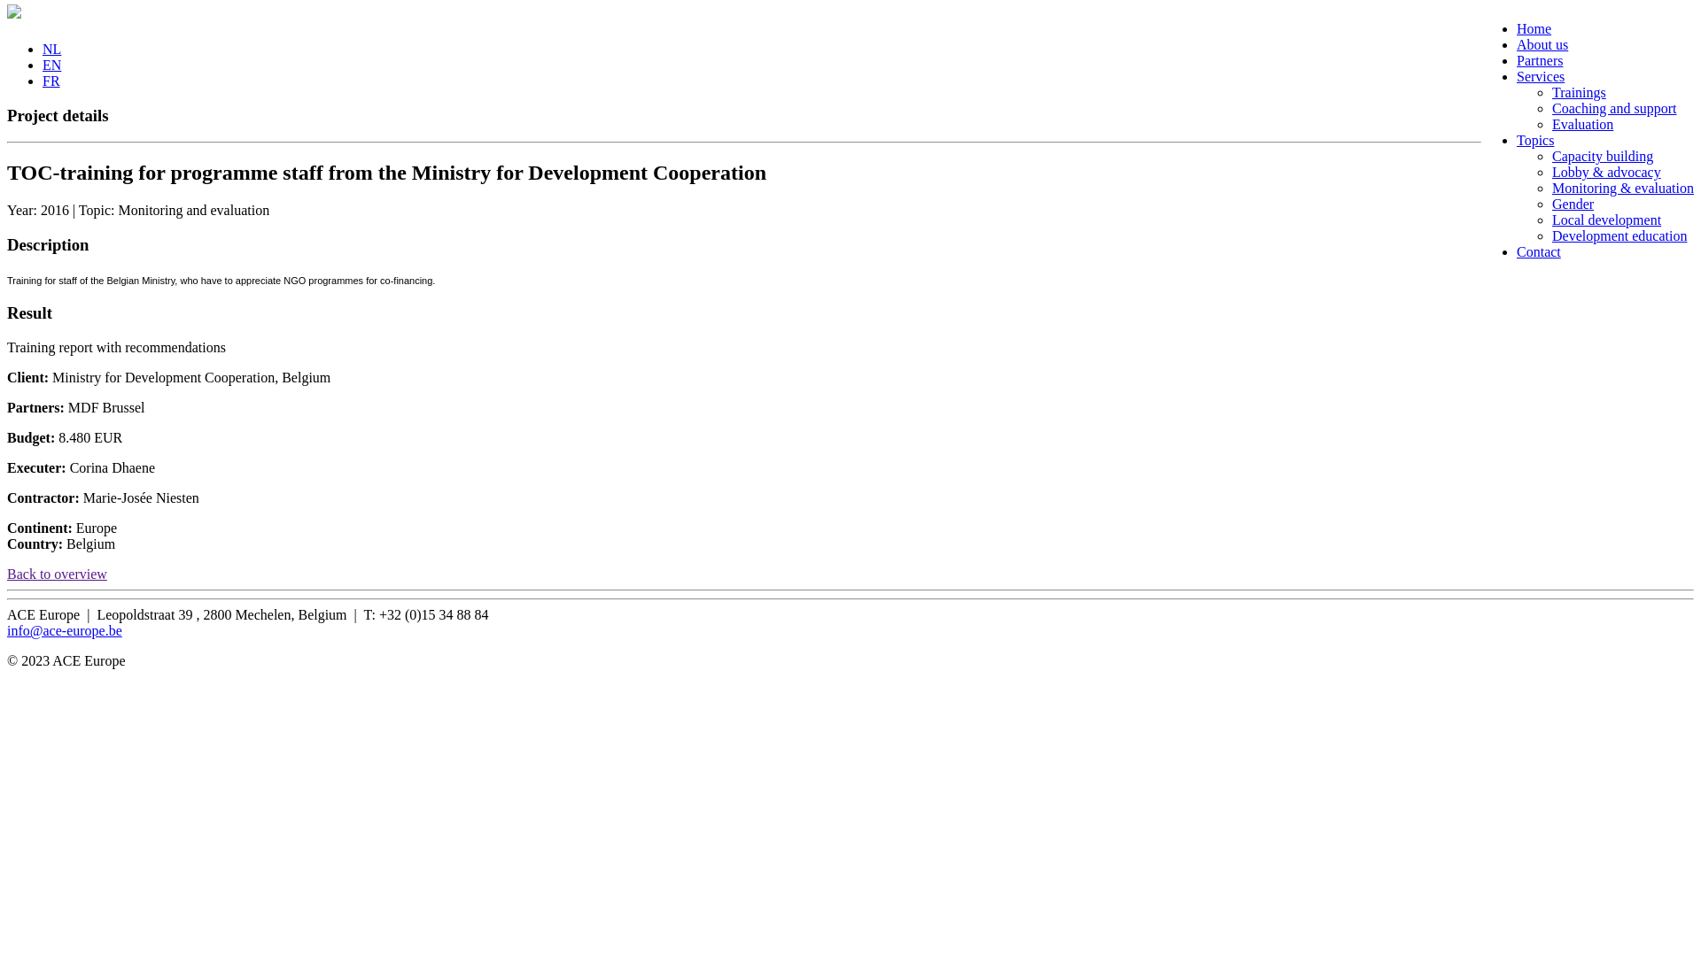 The height and width of the screenshot is (956, 1701). Describe the element at coordinates (1533, 28) in the screenshot. I see `'Home'` at that location.